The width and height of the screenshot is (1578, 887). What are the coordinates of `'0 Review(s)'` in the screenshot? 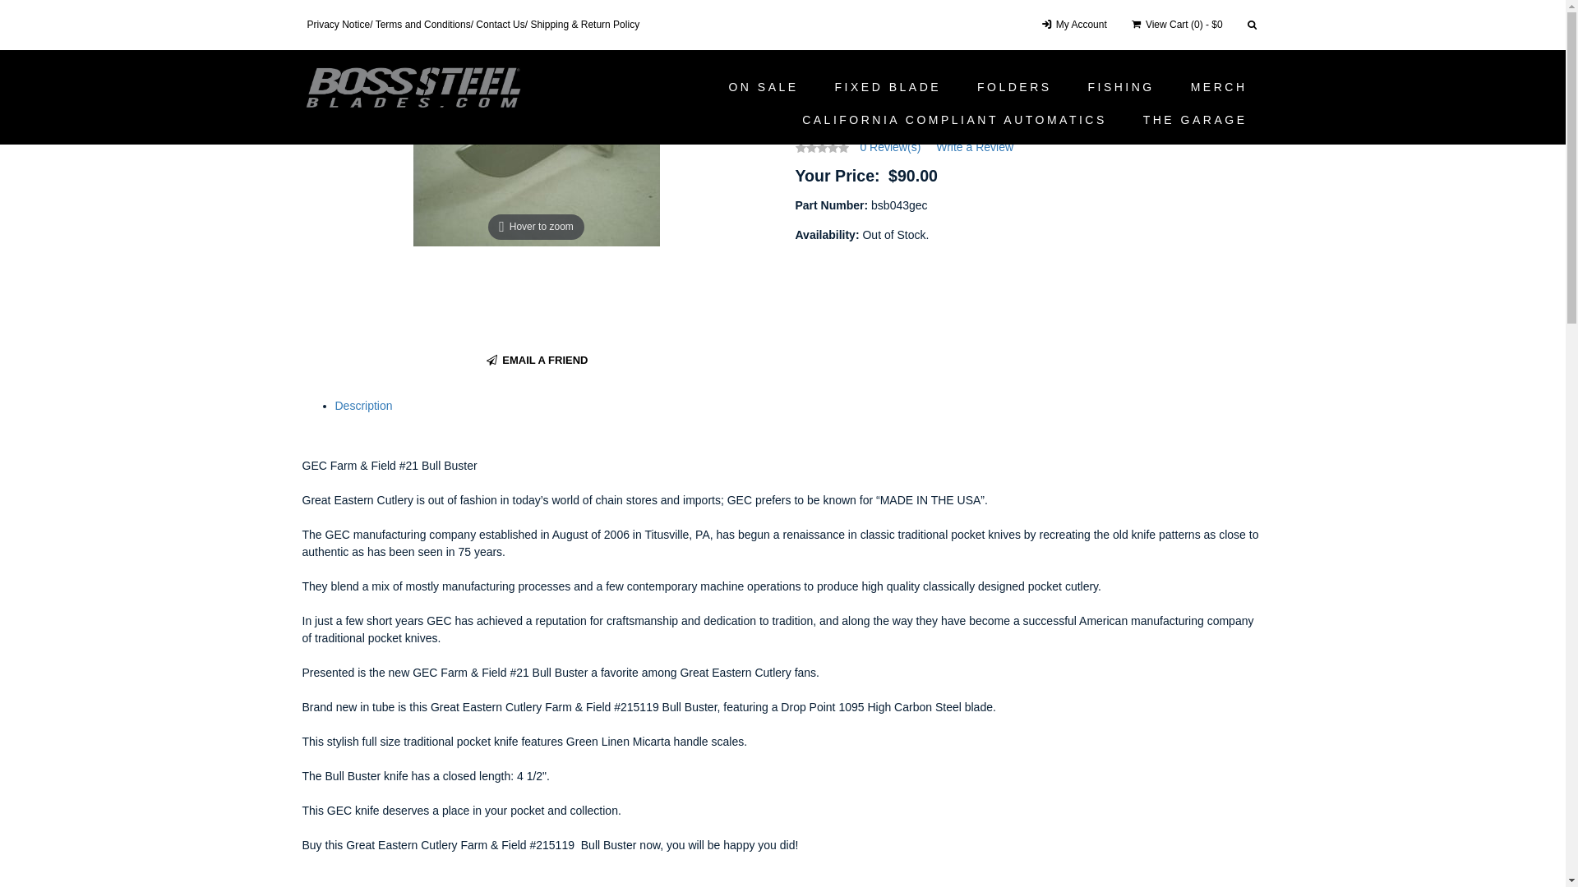 It's located at (889, 145).